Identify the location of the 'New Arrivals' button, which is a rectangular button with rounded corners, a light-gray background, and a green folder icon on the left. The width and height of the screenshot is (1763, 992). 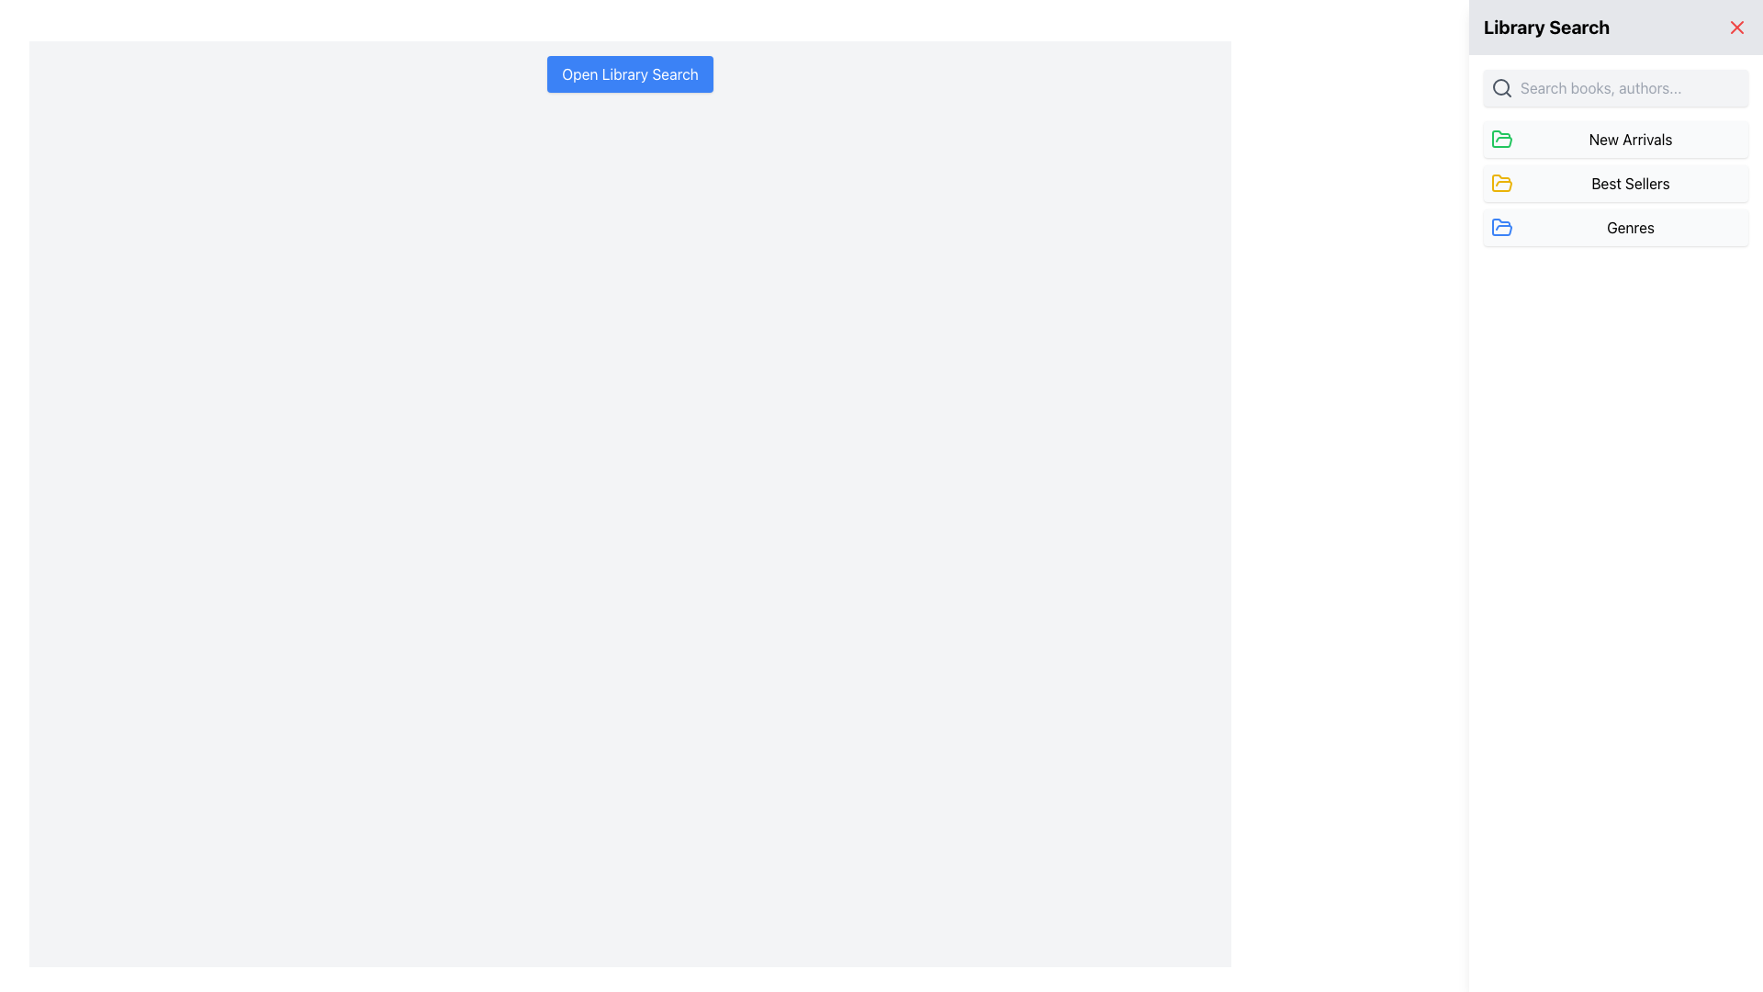
(1616, 138).